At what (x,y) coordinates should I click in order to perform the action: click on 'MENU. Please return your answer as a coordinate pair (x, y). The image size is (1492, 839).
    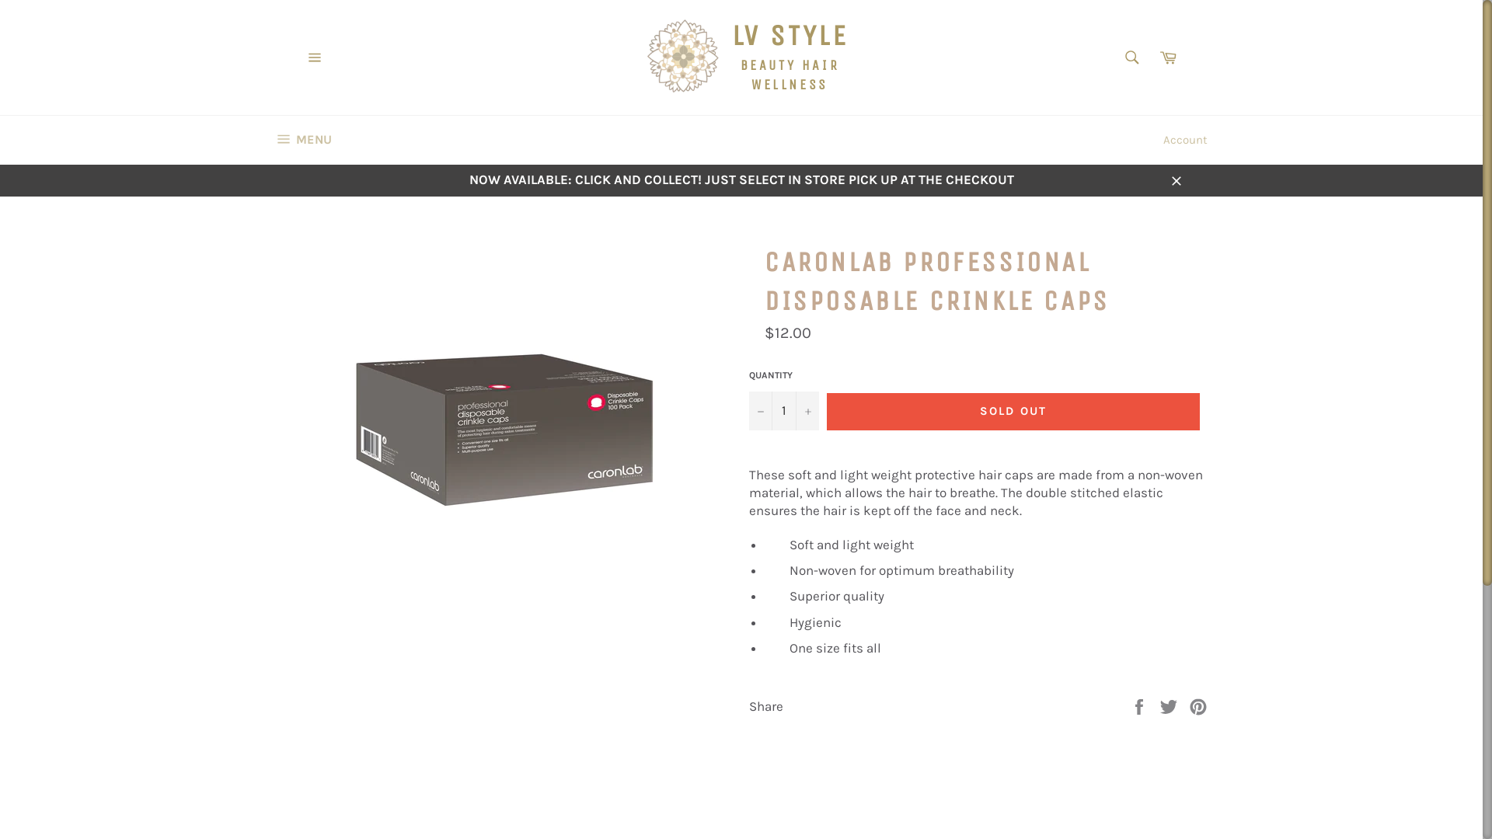
    Looking at the image, I should click on (303, 140).